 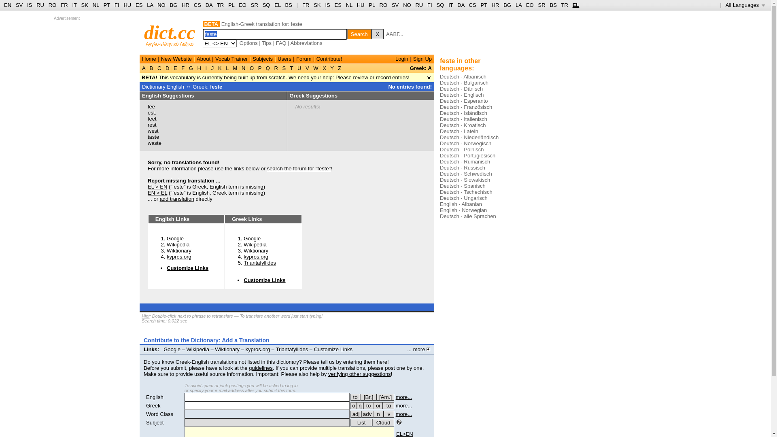 I want to click on 'Deutsch - Spanisch', so click(x=463, y=186).